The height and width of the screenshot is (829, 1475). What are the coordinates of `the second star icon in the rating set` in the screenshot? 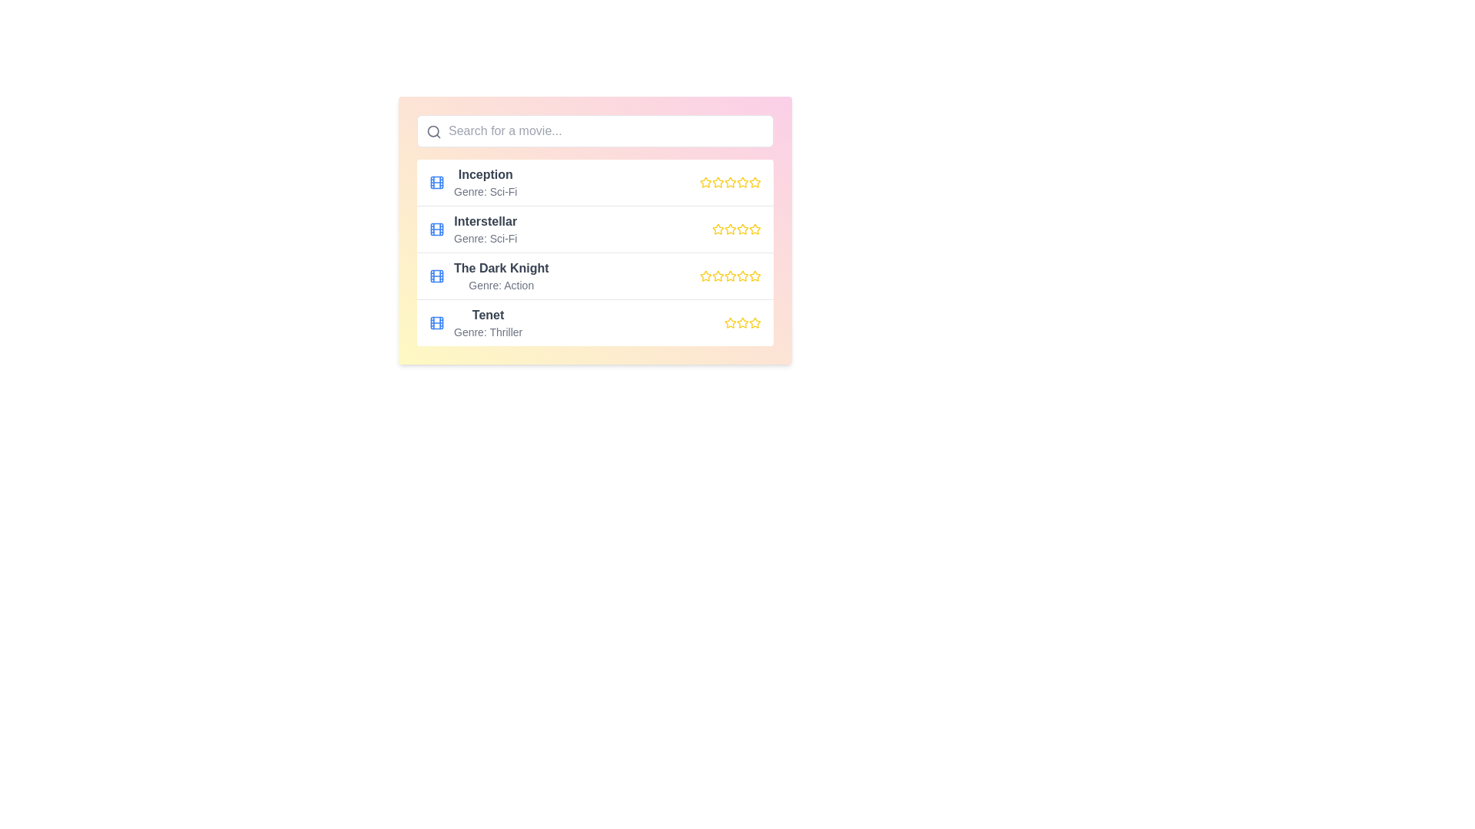 It's located at (729, 181).